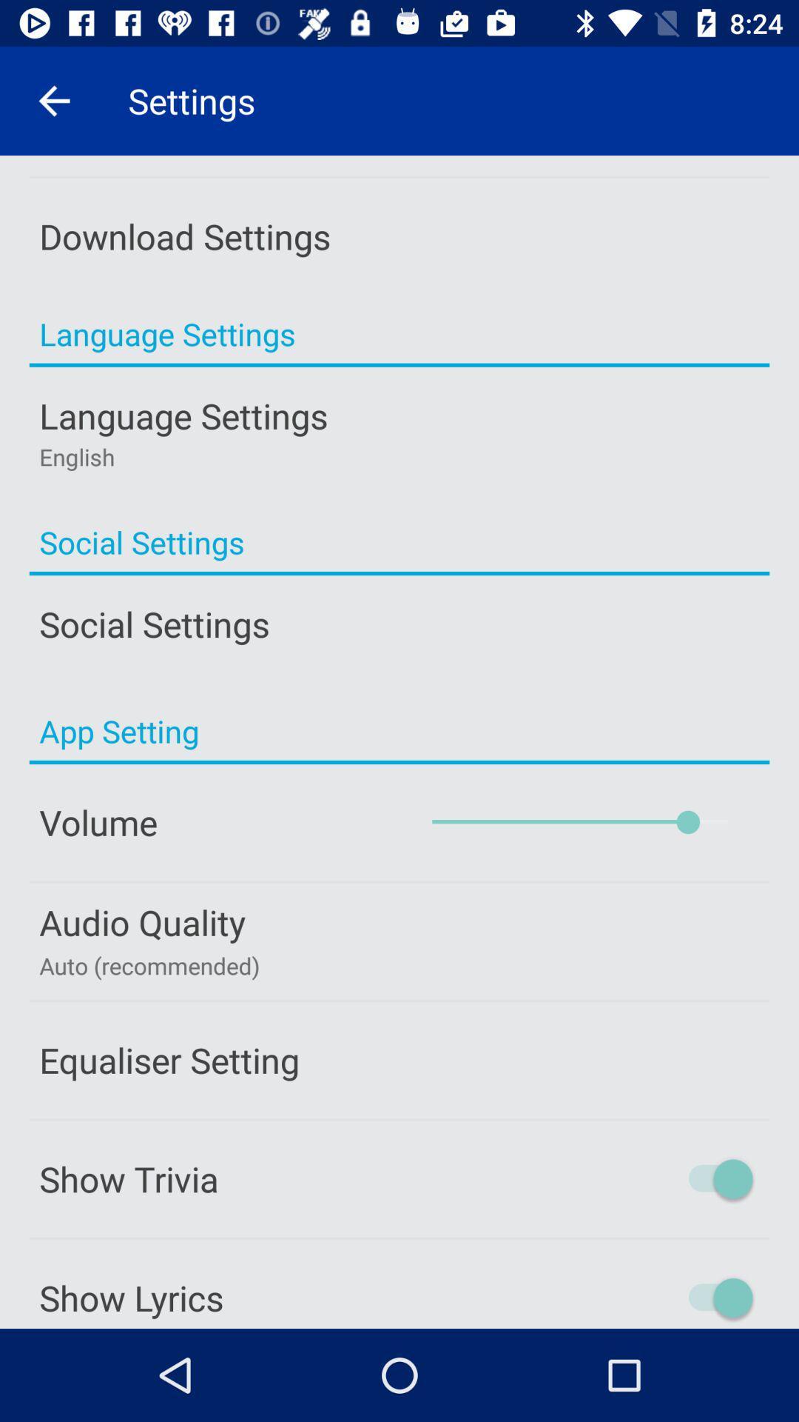 This screenshot has height=1422, width=799. Describe the element at coordinates (399, 941) in the screenshot. I see `the button which is above the equaliser setting` at that location.